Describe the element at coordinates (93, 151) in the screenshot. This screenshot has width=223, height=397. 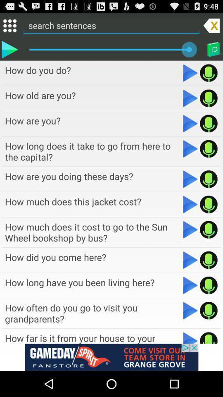
I see `the top of the 4th audio column` at that location.